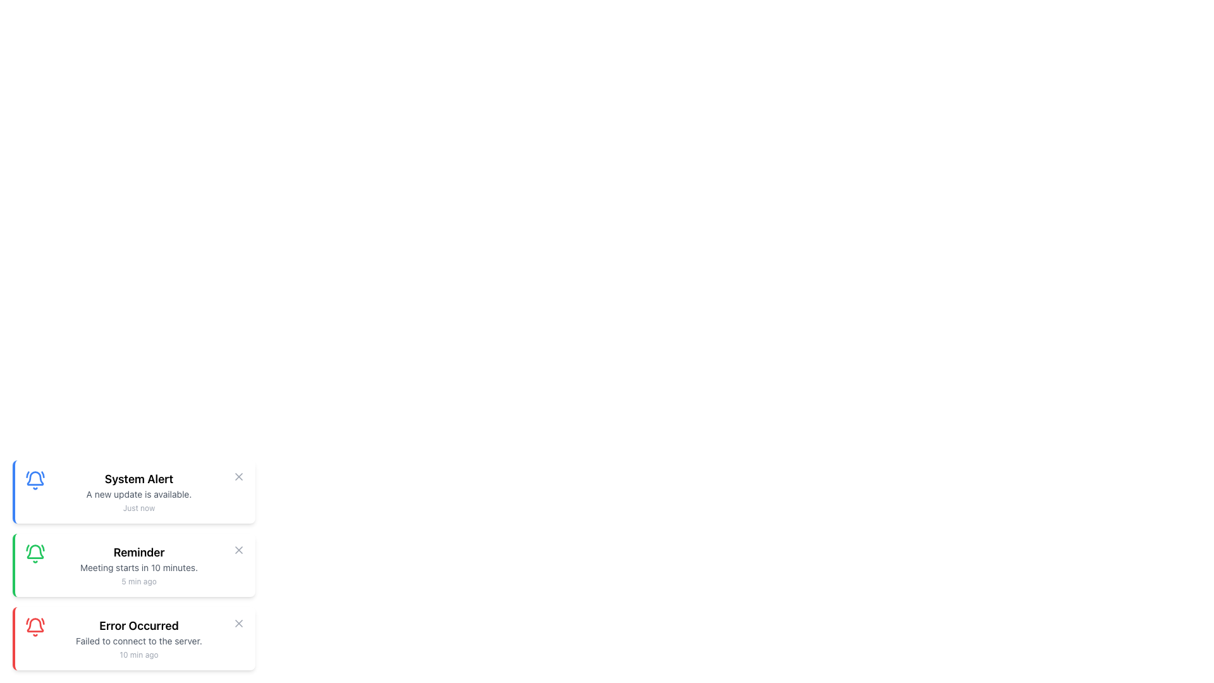 This screenshot has height=683, width=1214. What do you see at coordinates (139, 507) in the screenshot?
I see `the small text label displaying 'Just now' in light gray color, positioned beneath the notification message 'A new update is available' under the 'System Alert' notification` at bounding box center [139, 507].